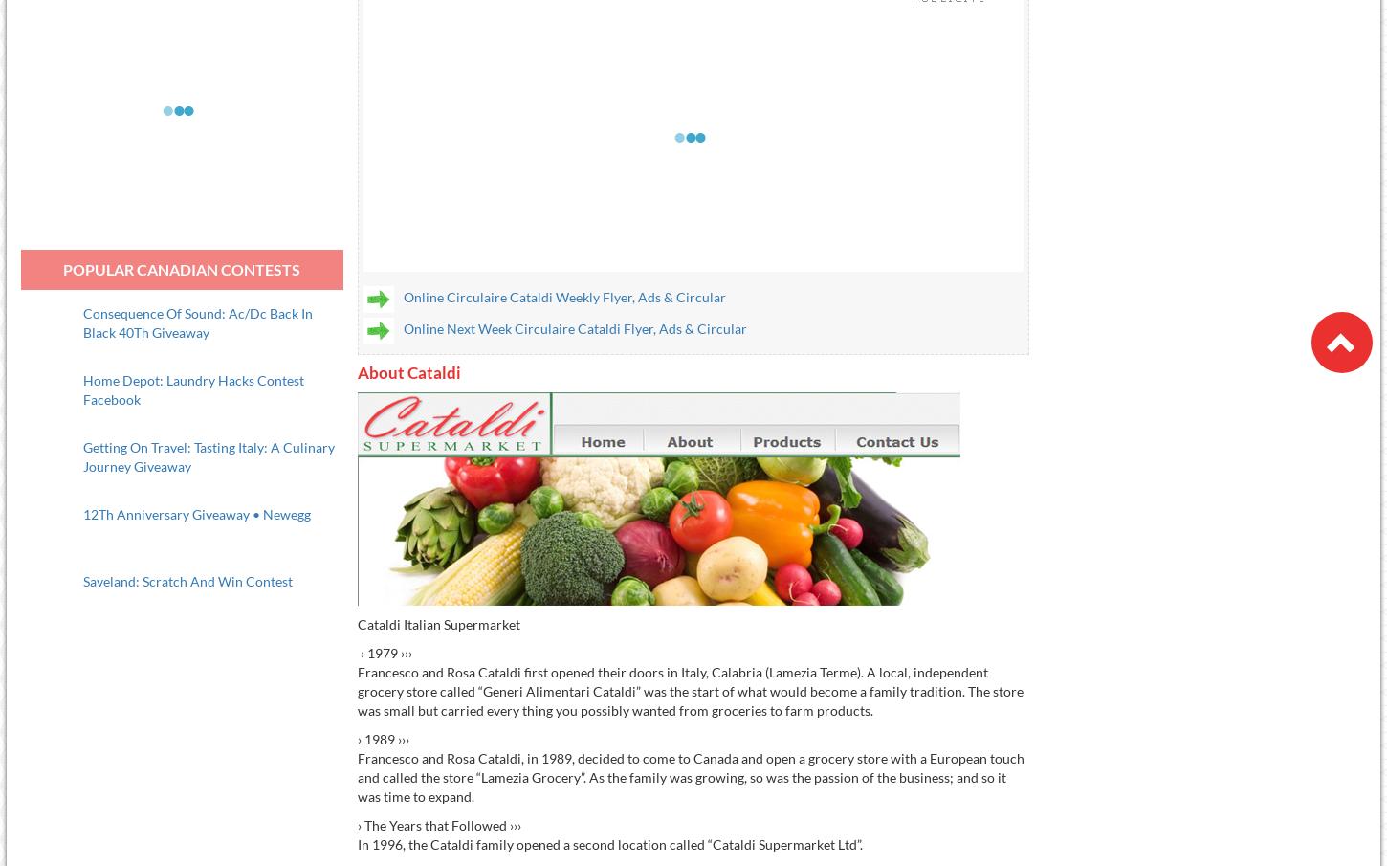  I want to click on 'In 1996, the Cataldi family opened a second location called “Cataldi Supermarket Ltd”.', so click(607, 843).